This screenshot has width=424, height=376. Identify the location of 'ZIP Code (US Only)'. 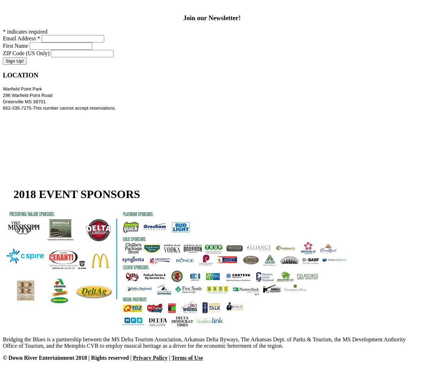
(26, 53).